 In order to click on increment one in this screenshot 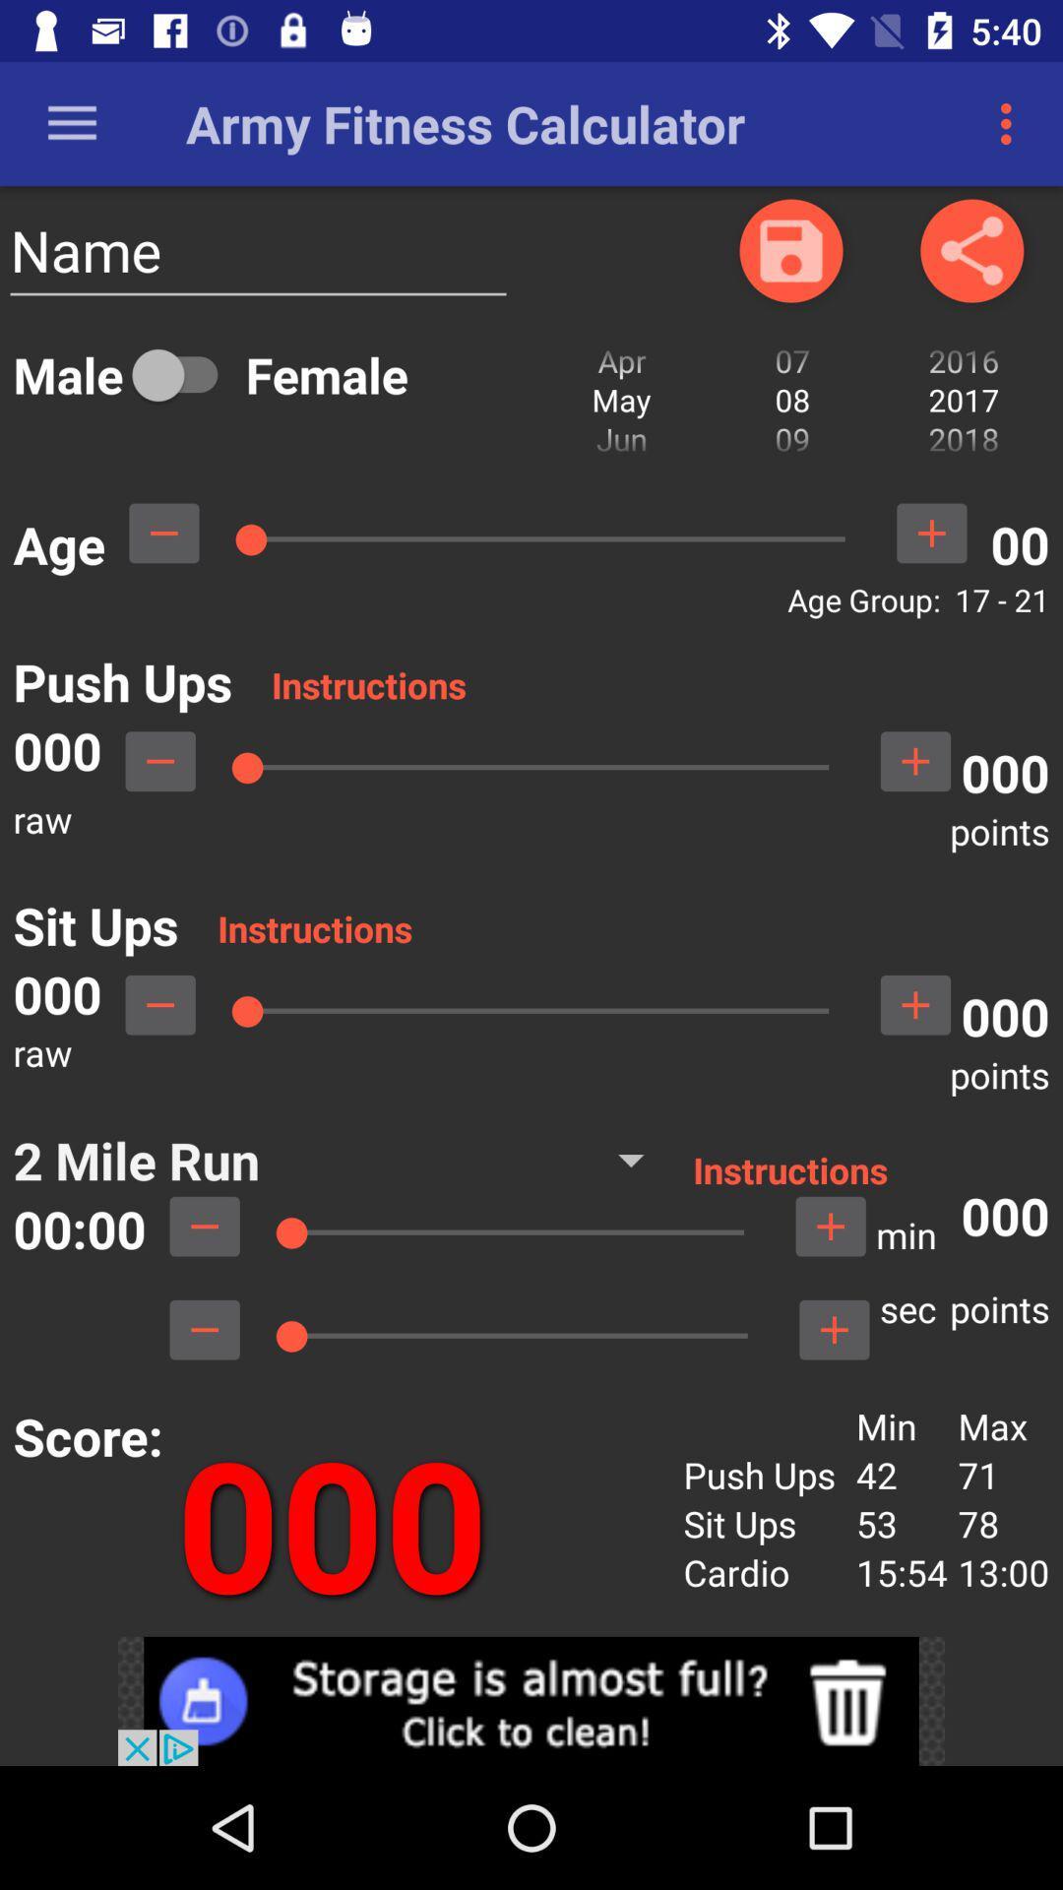, I will do `click(930, 533)`.